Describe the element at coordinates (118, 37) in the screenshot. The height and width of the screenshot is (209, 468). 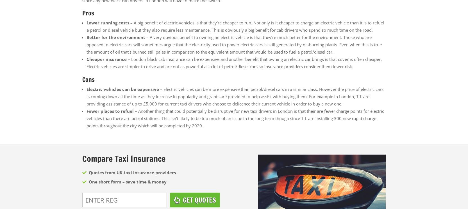
I see `'Better for the environment –'` at that location.